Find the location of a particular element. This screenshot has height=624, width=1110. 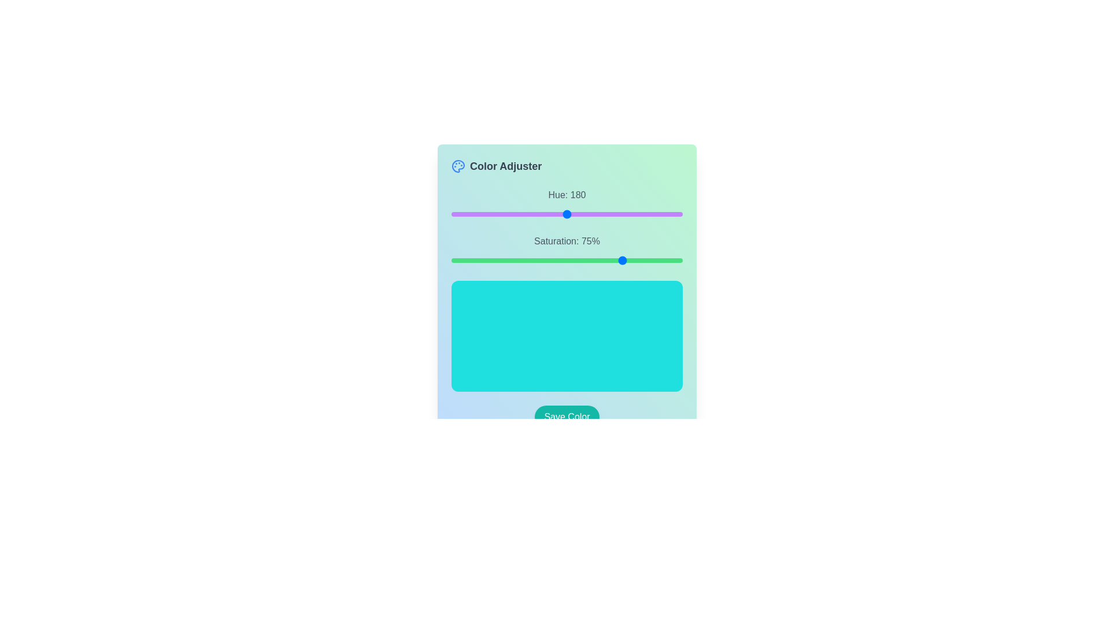

saturation is located at coordinates (468, 261).